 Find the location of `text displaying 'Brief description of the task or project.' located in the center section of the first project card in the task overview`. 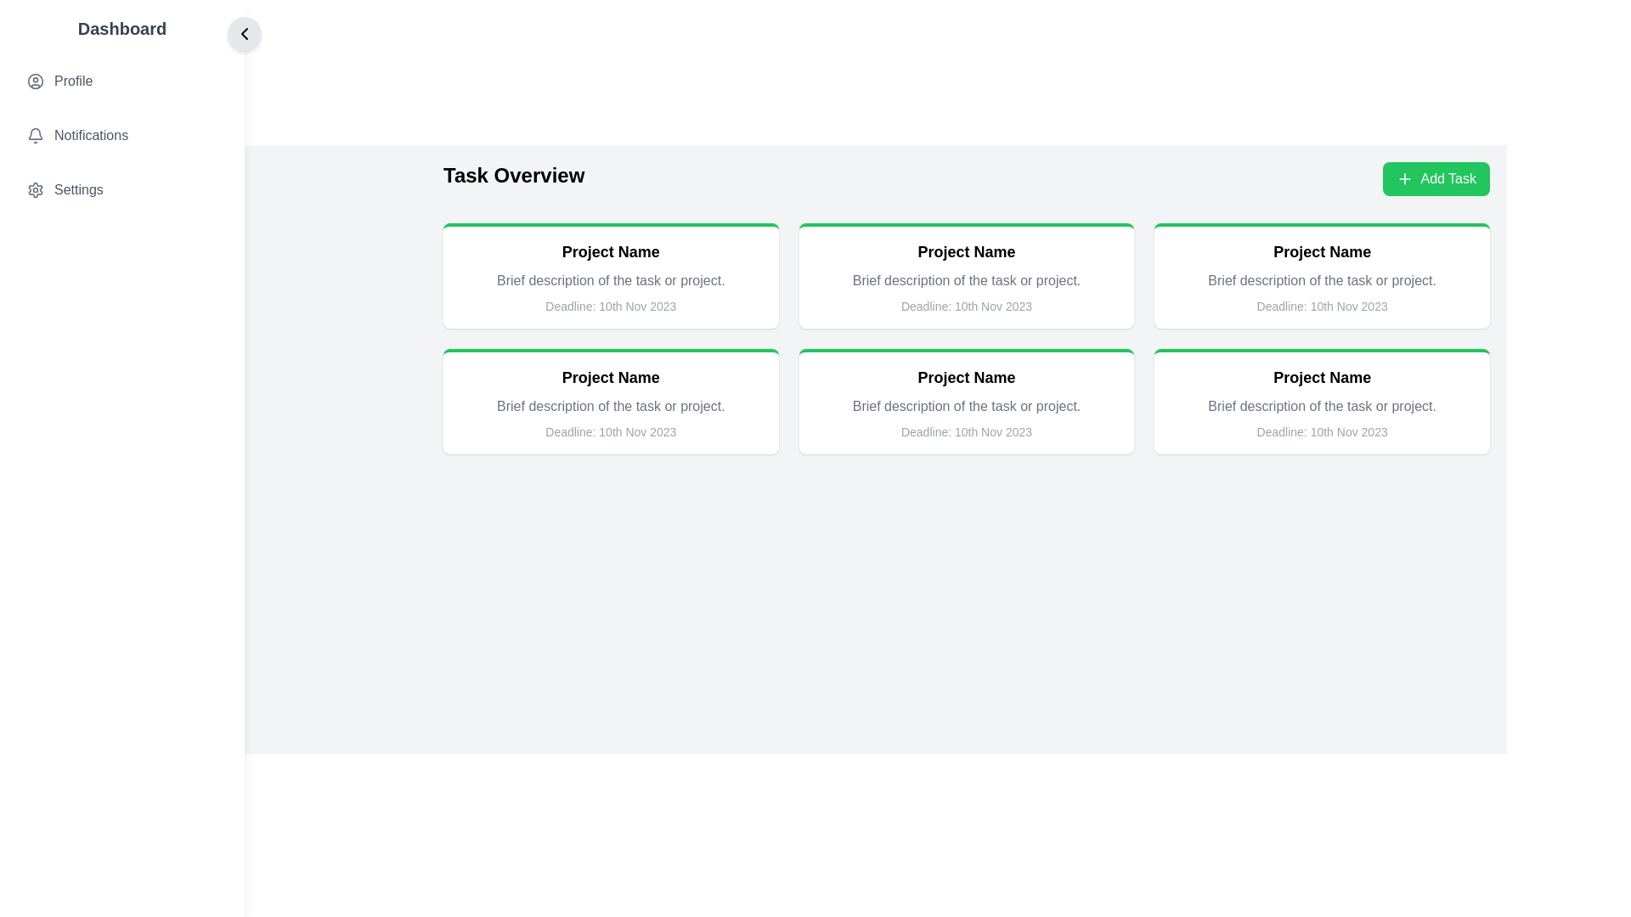

text displaying 'Brief description of the task or project.' located in the center section of the first project card in the task overview is located at coordinates (611, 280).